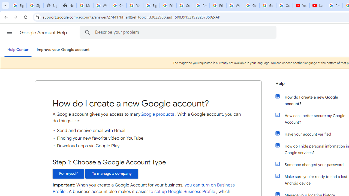 This screenshot has width=349, height=196. What do you see at coordinates (52, 5) in the screenshot?
I see `'Sign In - USA TODAY'` at bounding box center [52, 5].